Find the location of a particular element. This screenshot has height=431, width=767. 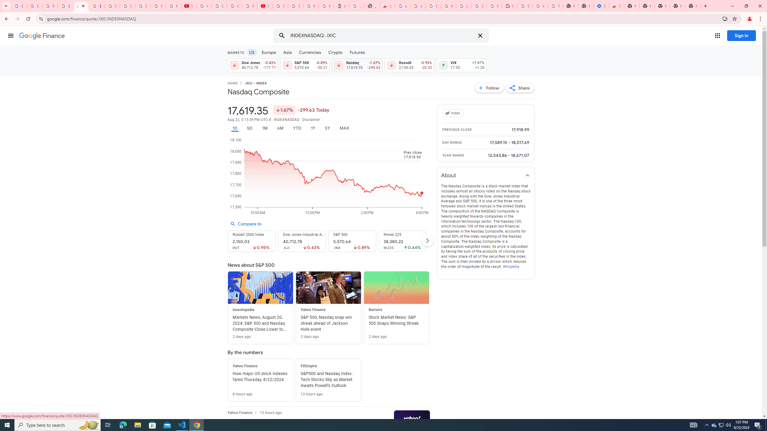

'Index' is located at coordinates (454, 113).